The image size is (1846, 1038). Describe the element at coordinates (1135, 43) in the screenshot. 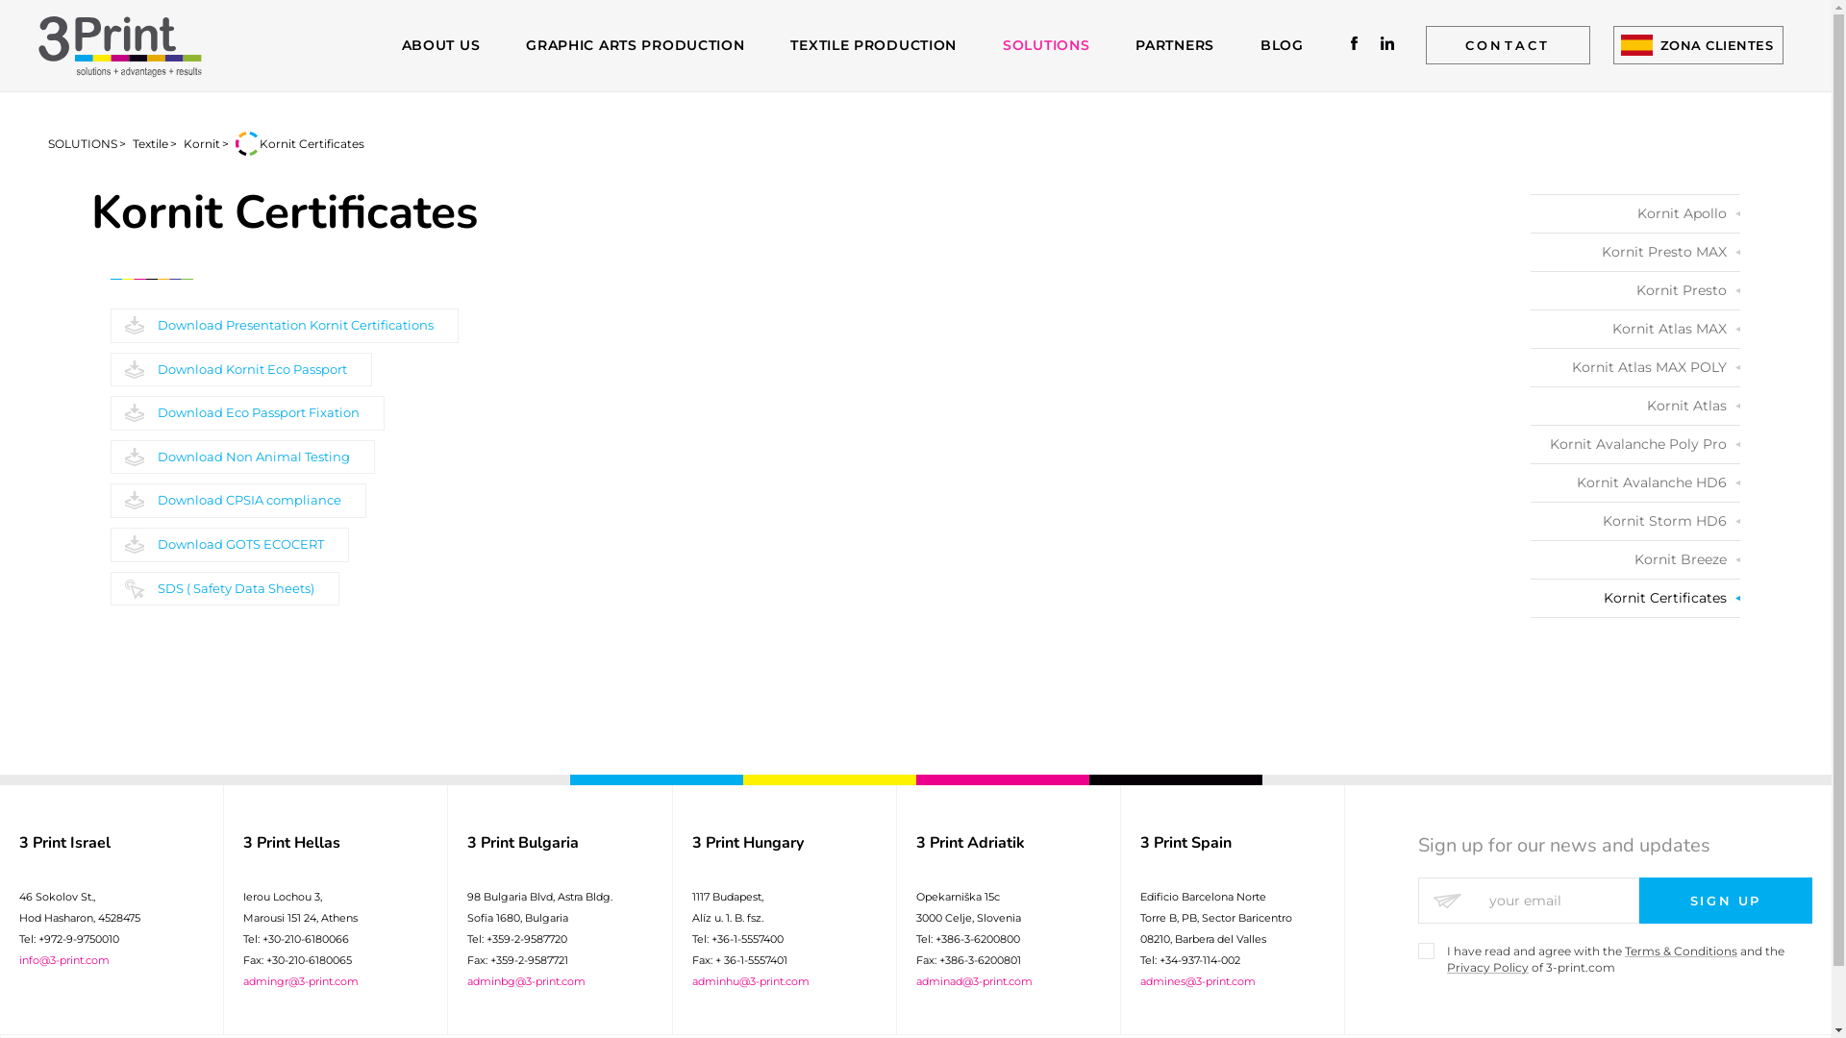

I see `'PARTNERS'` at that location.